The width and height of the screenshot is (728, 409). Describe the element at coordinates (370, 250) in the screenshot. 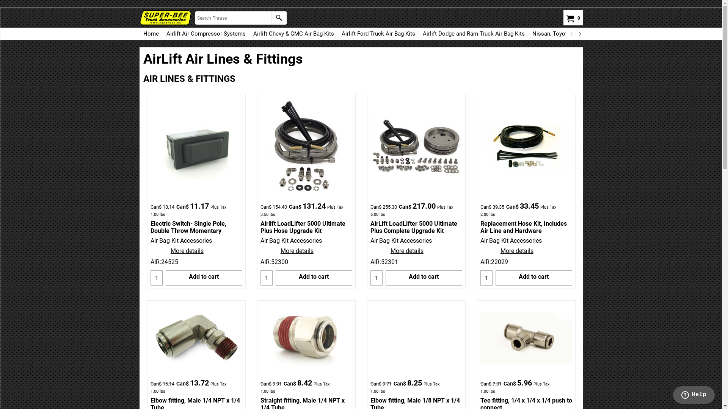

I see `'More details'` at that location.